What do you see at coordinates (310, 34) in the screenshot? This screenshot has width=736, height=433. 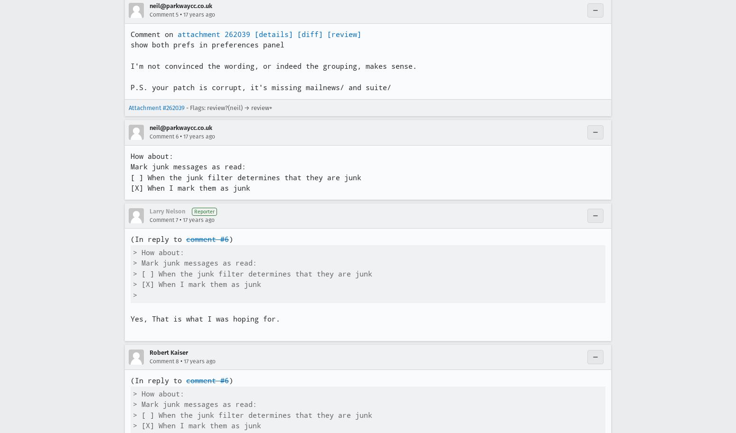 I see `'[diff]'` at bounding box center [310, 34].